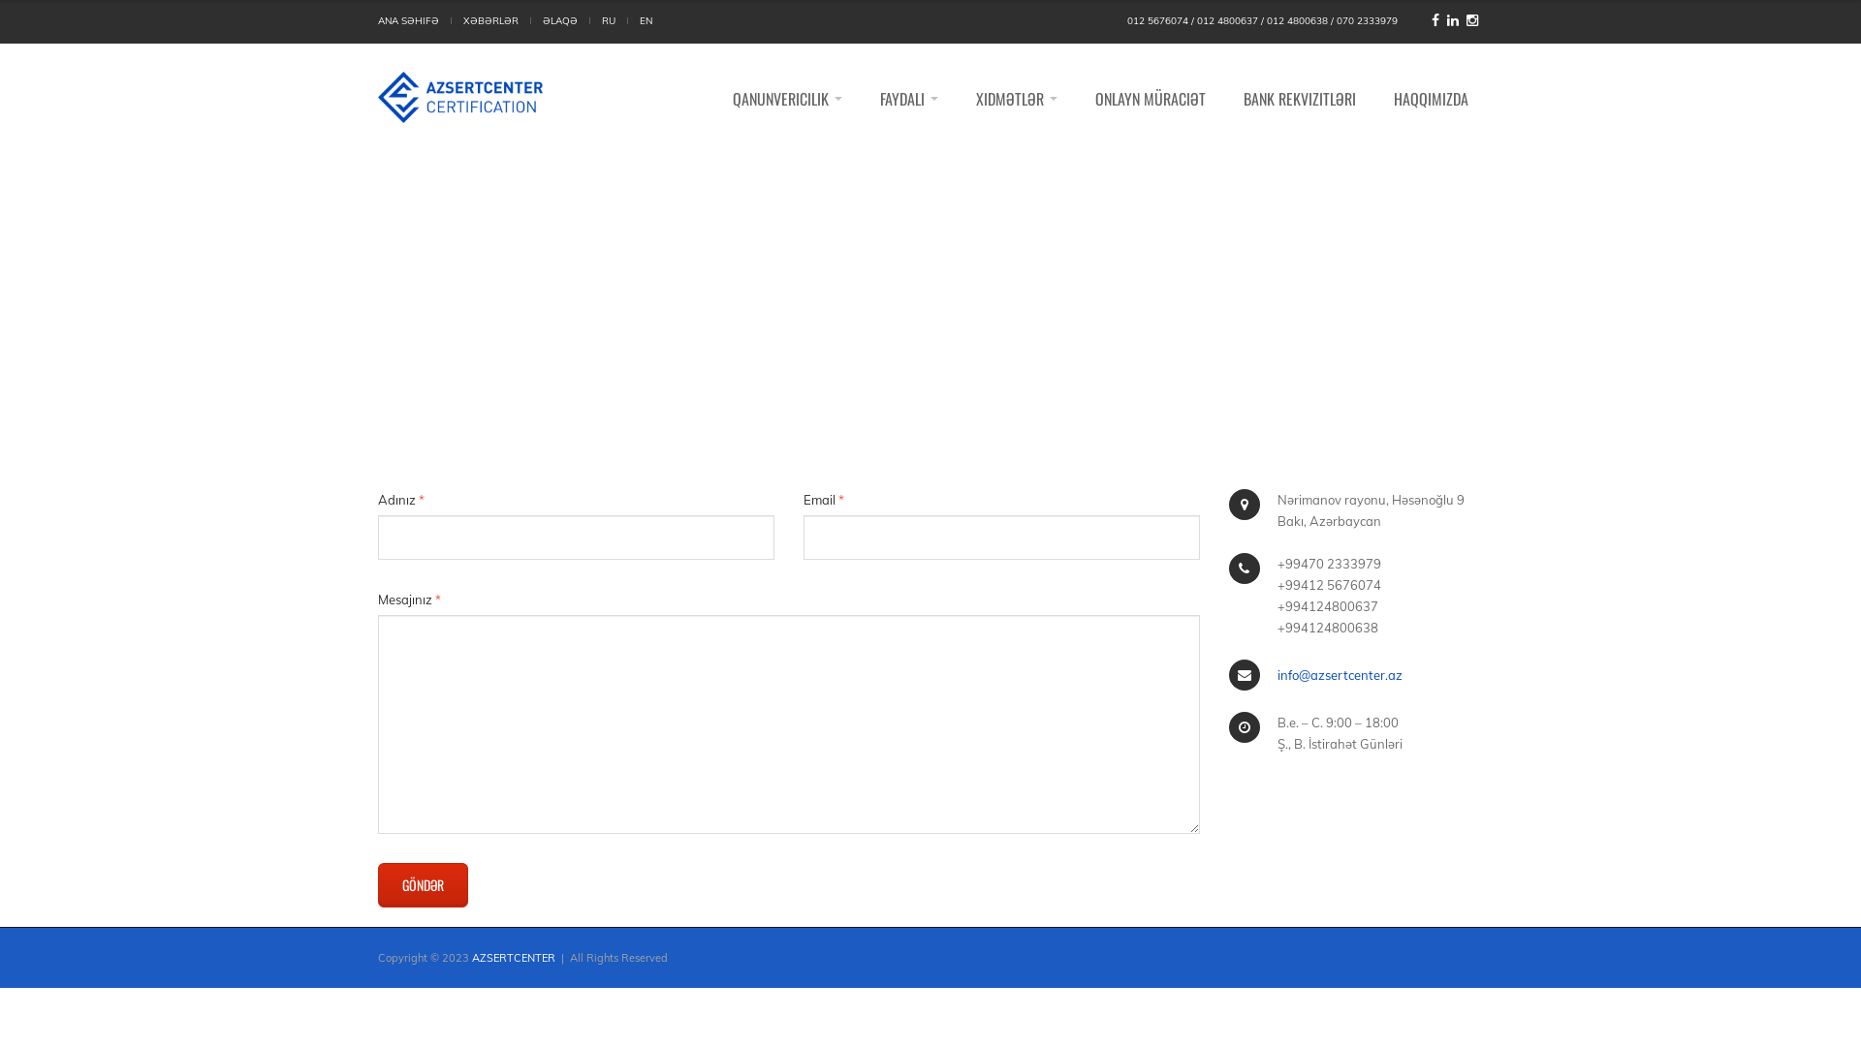 The height and width of the screenshot is (1046, 1861). What do you see at coordinates (787, 98) in the screenshot?
I see `'QANUNVERICILIK'` at bounding box center [787, 98].